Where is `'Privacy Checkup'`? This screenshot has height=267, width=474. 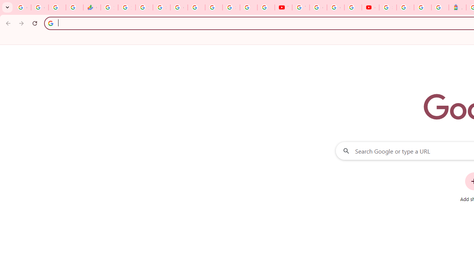
'Privacy Checkup' is located at coordinates (266, 7).